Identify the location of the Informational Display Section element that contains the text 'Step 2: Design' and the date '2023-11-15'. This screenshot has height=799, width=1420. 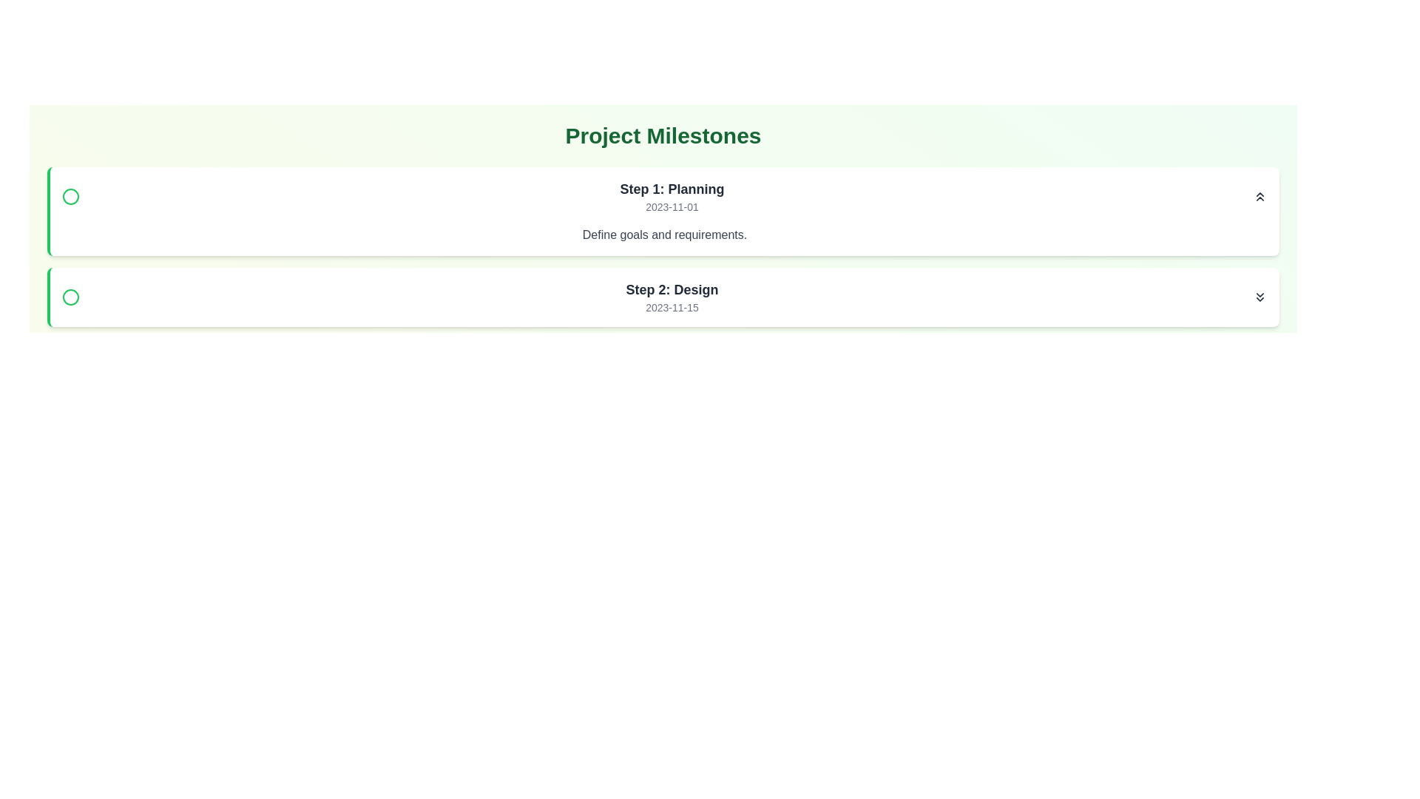
(663, 297).